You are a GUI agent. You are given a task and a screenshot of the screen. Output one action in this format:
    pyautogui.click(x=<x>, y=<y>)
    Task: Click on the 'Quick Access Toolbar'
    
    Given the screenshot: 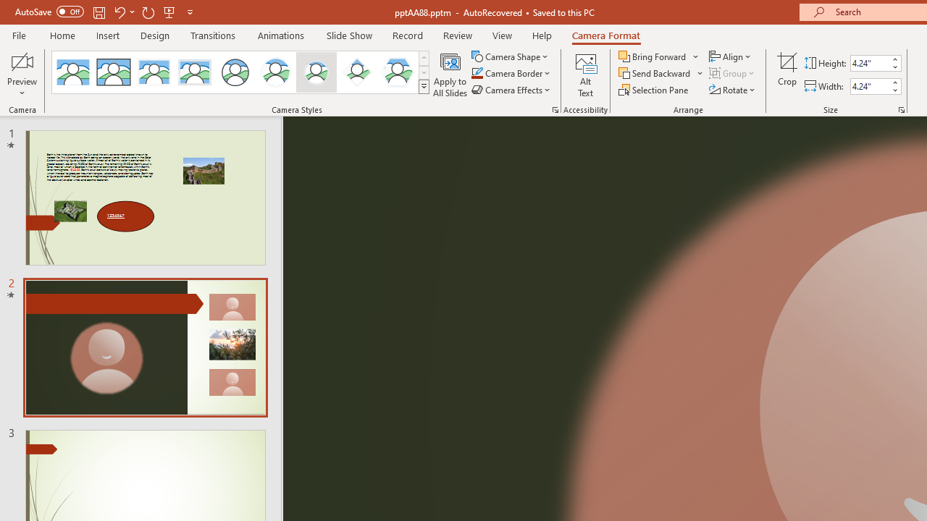 What is the action you would take?
    pyautogui.click(x=104, y=12)
    